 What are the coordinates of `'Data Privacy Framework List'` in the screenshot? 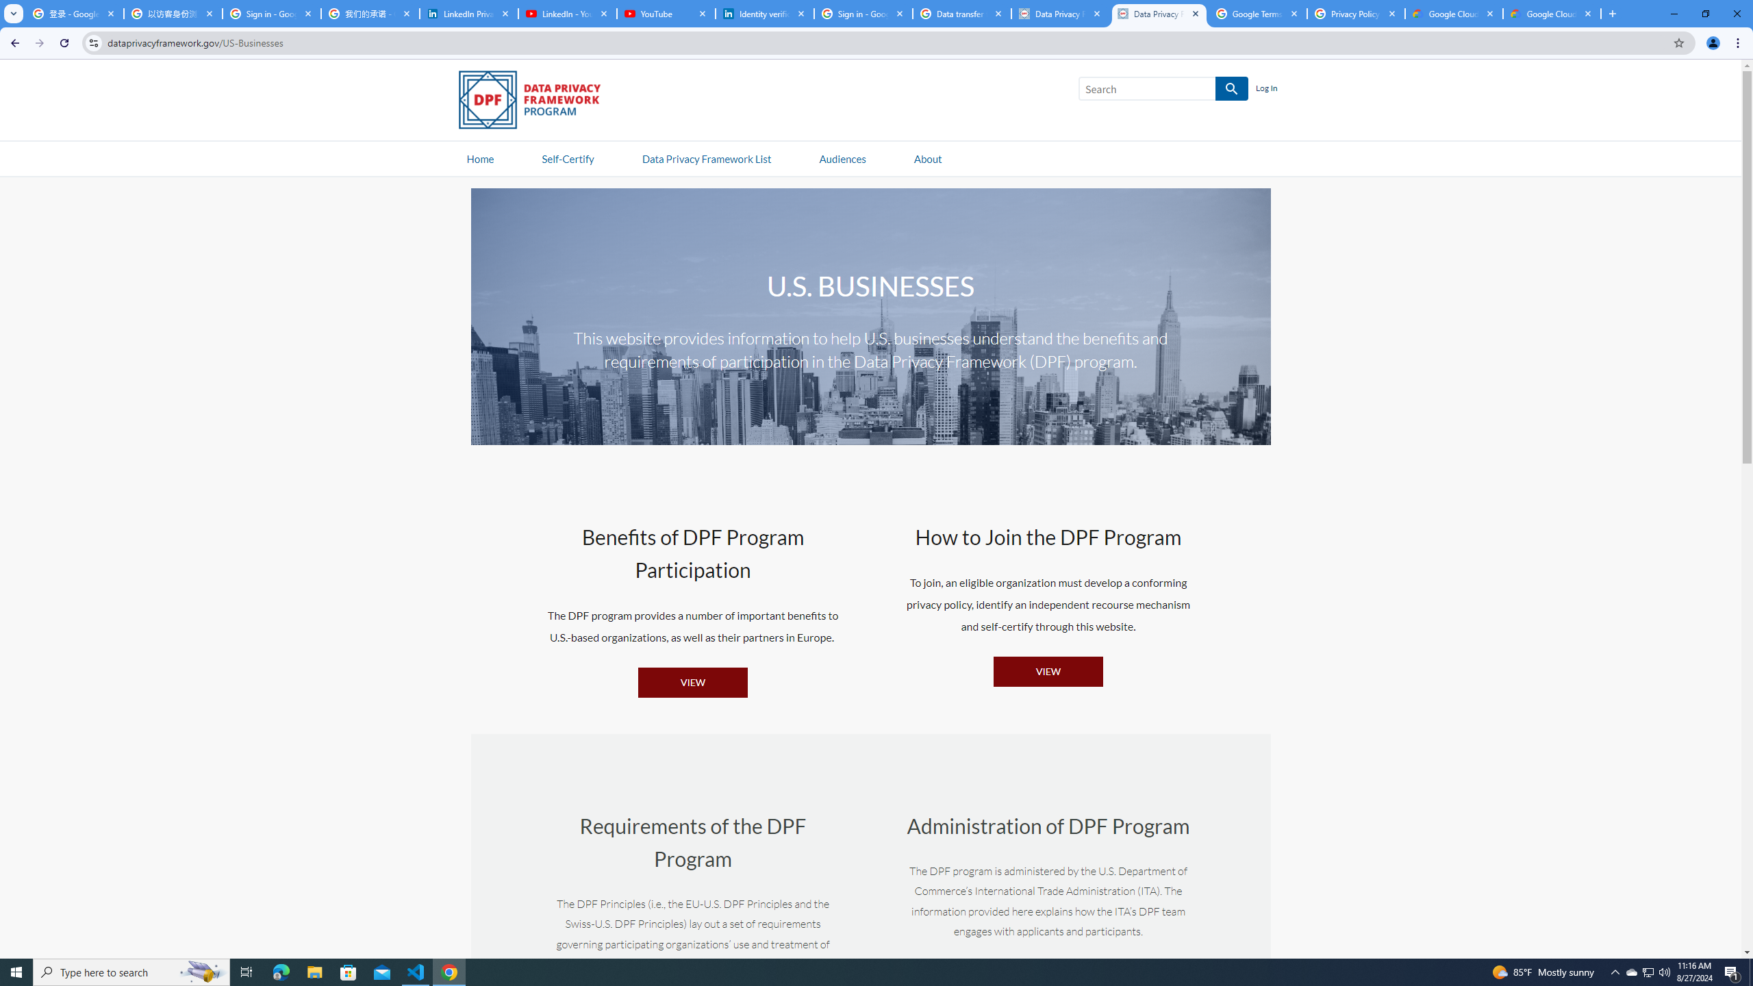 It's located at (706, 157).